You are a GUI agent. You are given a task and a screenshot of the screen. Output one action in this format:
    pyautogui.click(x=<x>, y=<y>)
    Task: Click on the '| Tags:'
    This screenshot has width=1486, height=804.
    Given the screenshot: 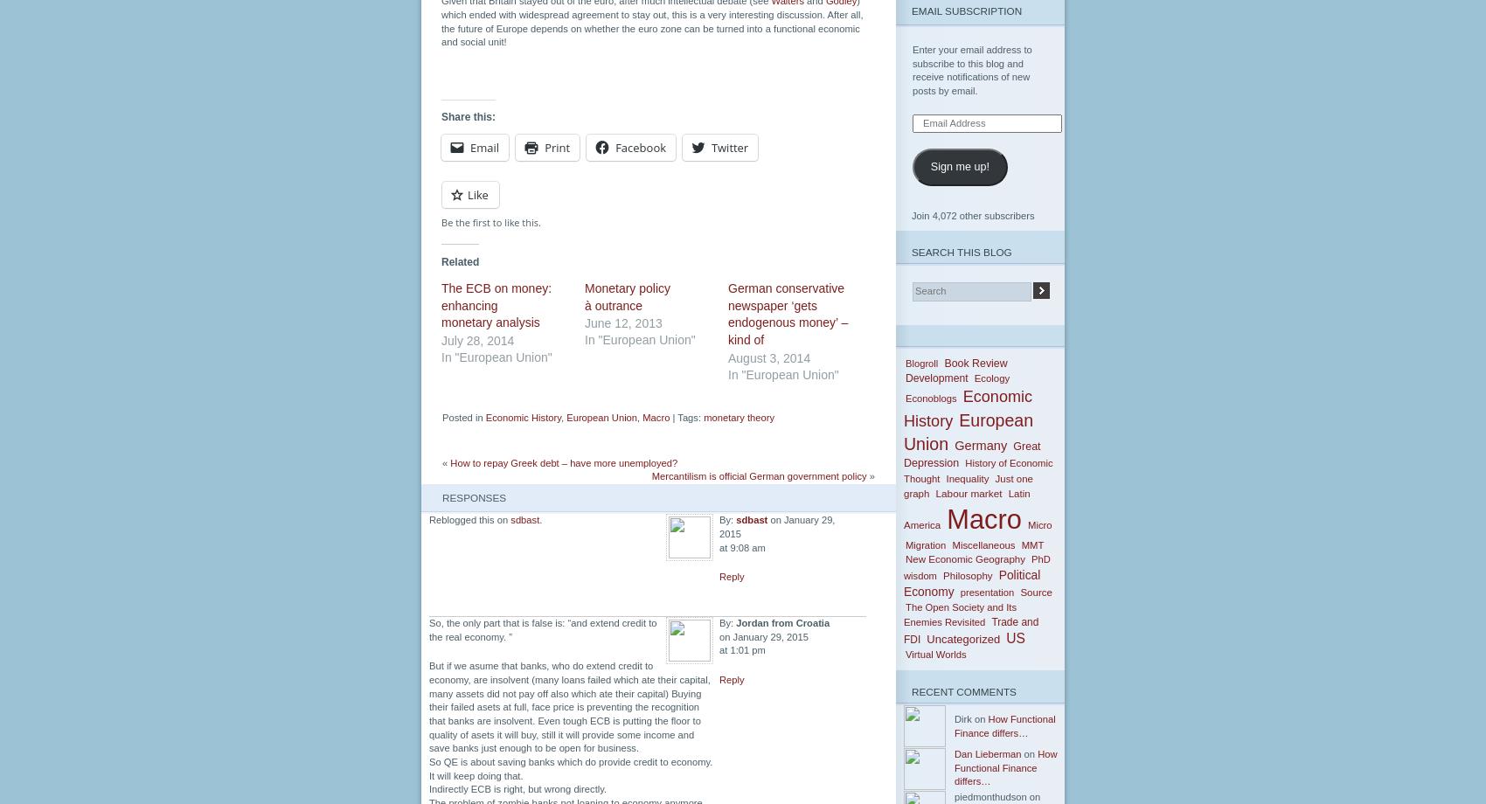 What is the action you would take?
    pyautogui.click(x=669, y=418)
    